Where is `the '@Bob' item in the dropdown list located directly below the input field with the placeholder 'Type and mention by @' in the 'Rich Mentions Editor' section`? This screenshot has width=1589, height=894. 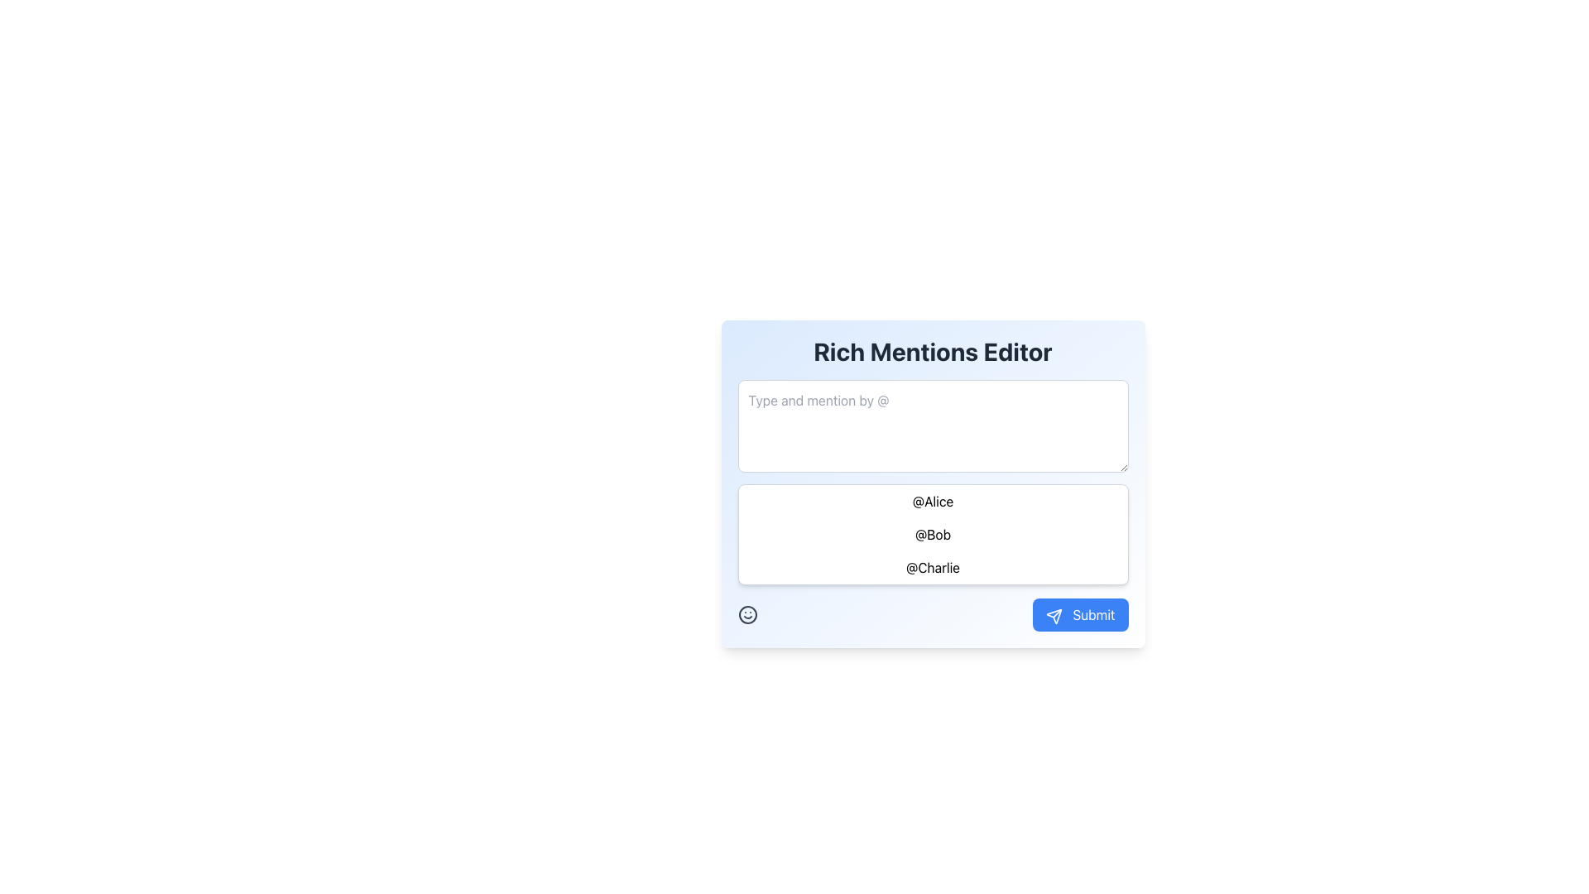
the '@Bob' item in the dropdown list located directly below the input field with the placeholder 'Type and mention by @' in the 'Rich Mentions Editor' section is located at coordinates (933, 534).